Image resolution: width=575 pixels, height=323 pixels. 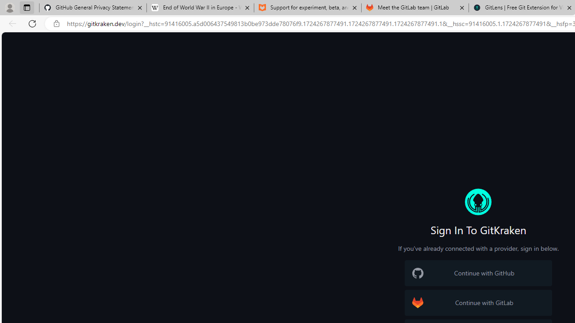 What do you see at coordinates (478, 303) in the screenshot?
I see `'GitLab Logo Continue with GitLab'` at bounding box center [478, 303].